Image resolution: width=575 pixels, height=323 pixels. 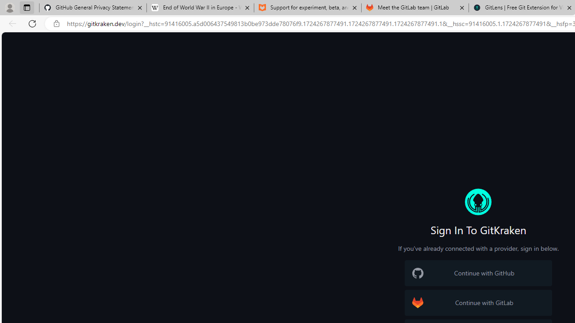 What do you see at coordinates (478, 303) in the screenshot?
I see `'GitLab Logo Continue with GitLab'` at bounding box center [478, 303].